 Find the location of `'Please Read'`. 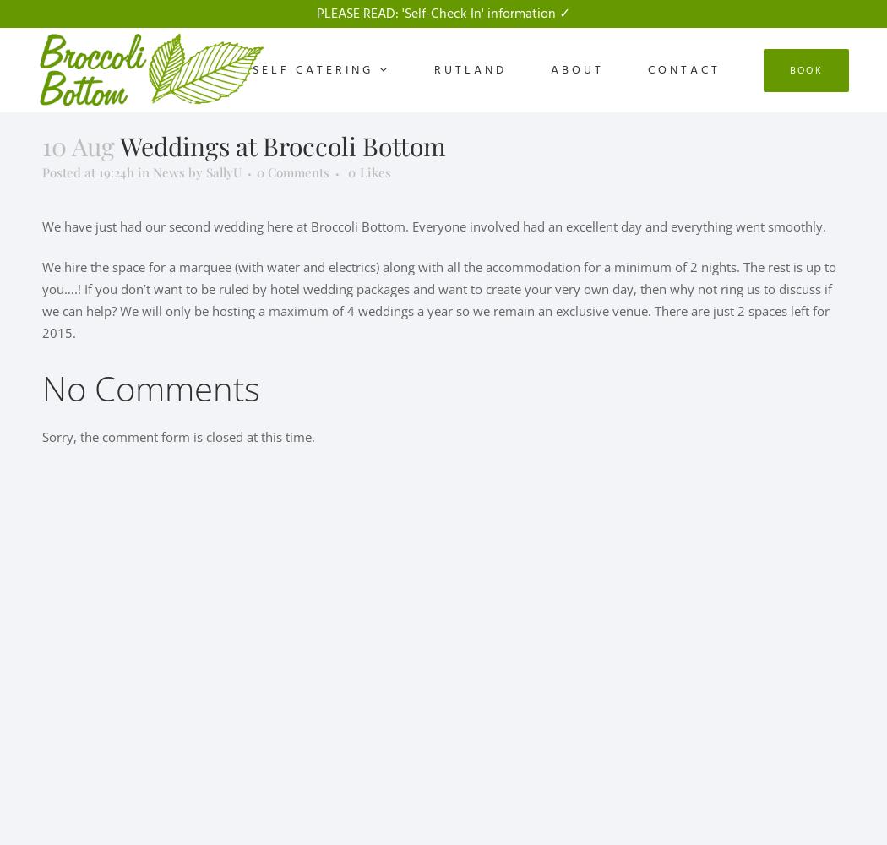

'Please Read' is located at coordinates (355, 14).